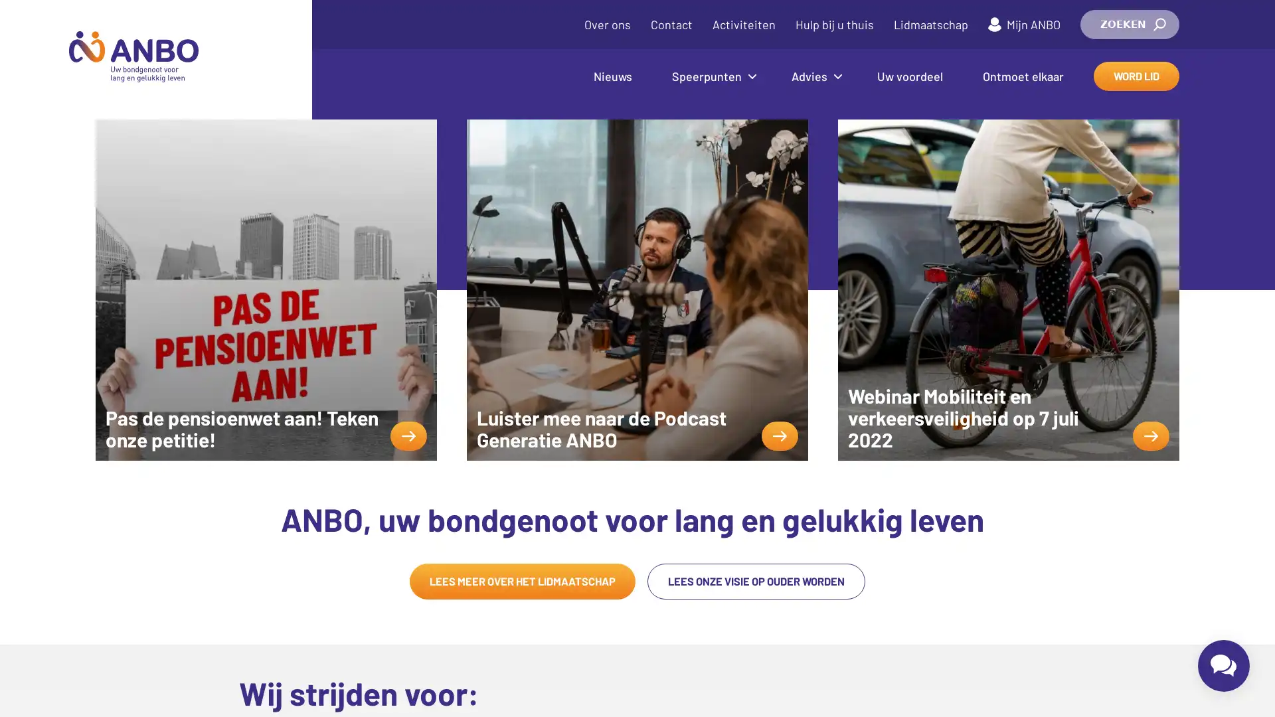 This screenshot has width=1275, height=717. What do you see at coordinates (1129, 25) in the screenshot?
I see `ZOEKEN` at bounding box center [1129, 25].